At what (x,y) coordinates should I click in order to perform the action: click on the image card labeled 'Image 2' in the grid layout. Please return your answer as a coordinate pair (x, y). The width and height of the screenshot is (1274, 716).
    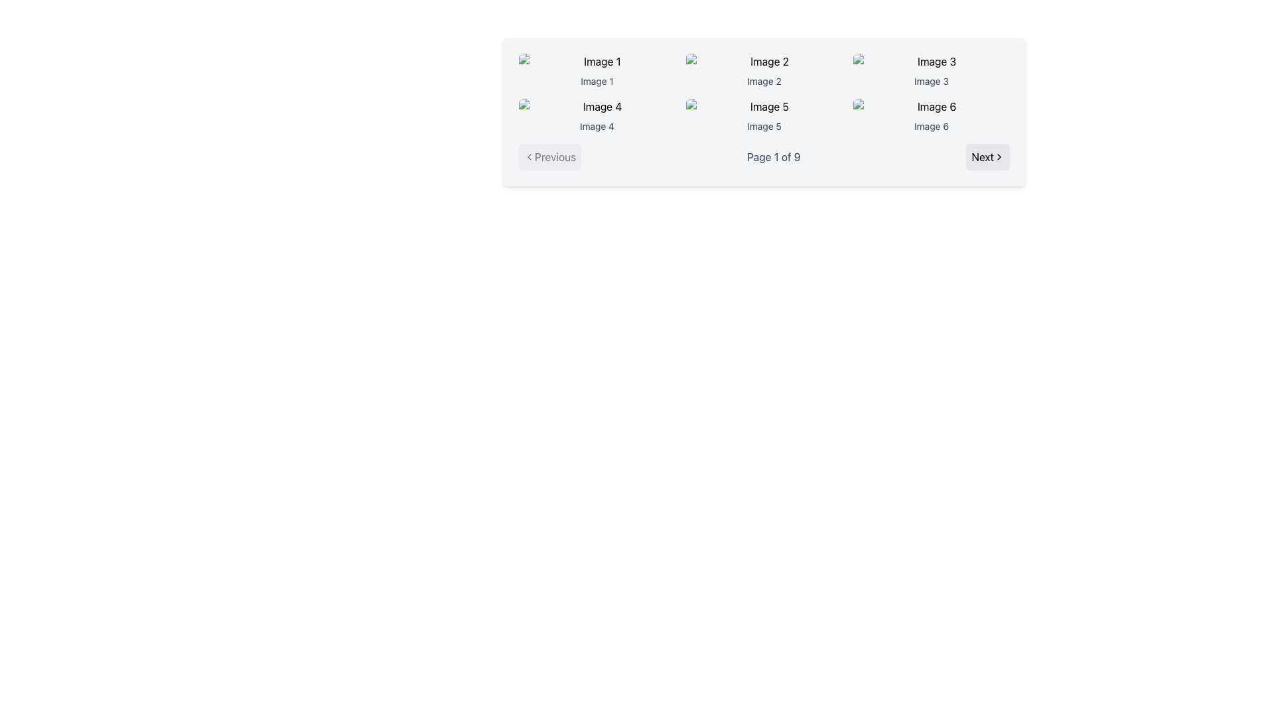
    Looking at the image, I should click on (764, 71).